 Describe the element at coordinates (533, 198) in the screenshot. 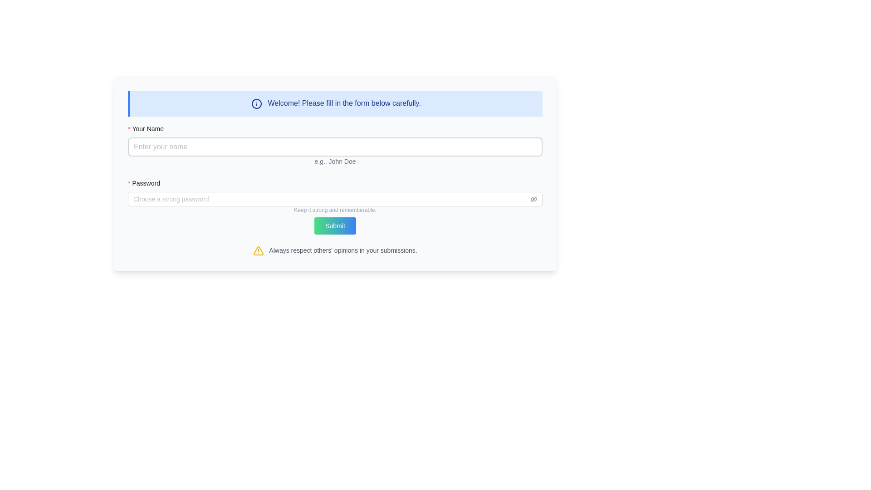

I see `the crossed-out eye icon located at the far right of the password input field` at that location.